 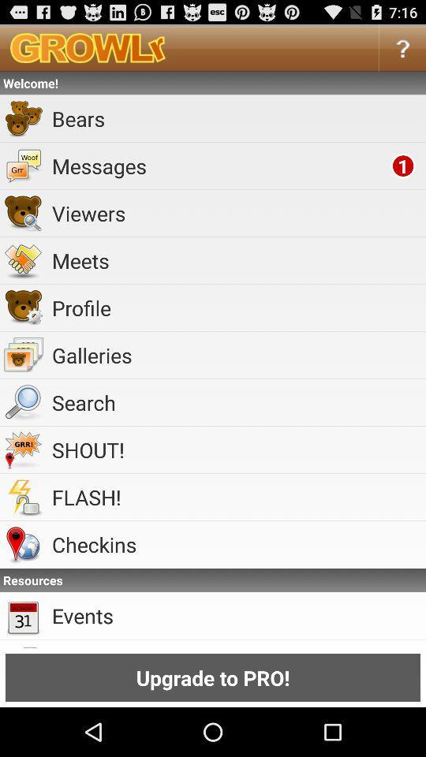 What do you see at coordinates (213, 579) in the screenshot?
I see `the resources item` at bounding box center [213, 579].